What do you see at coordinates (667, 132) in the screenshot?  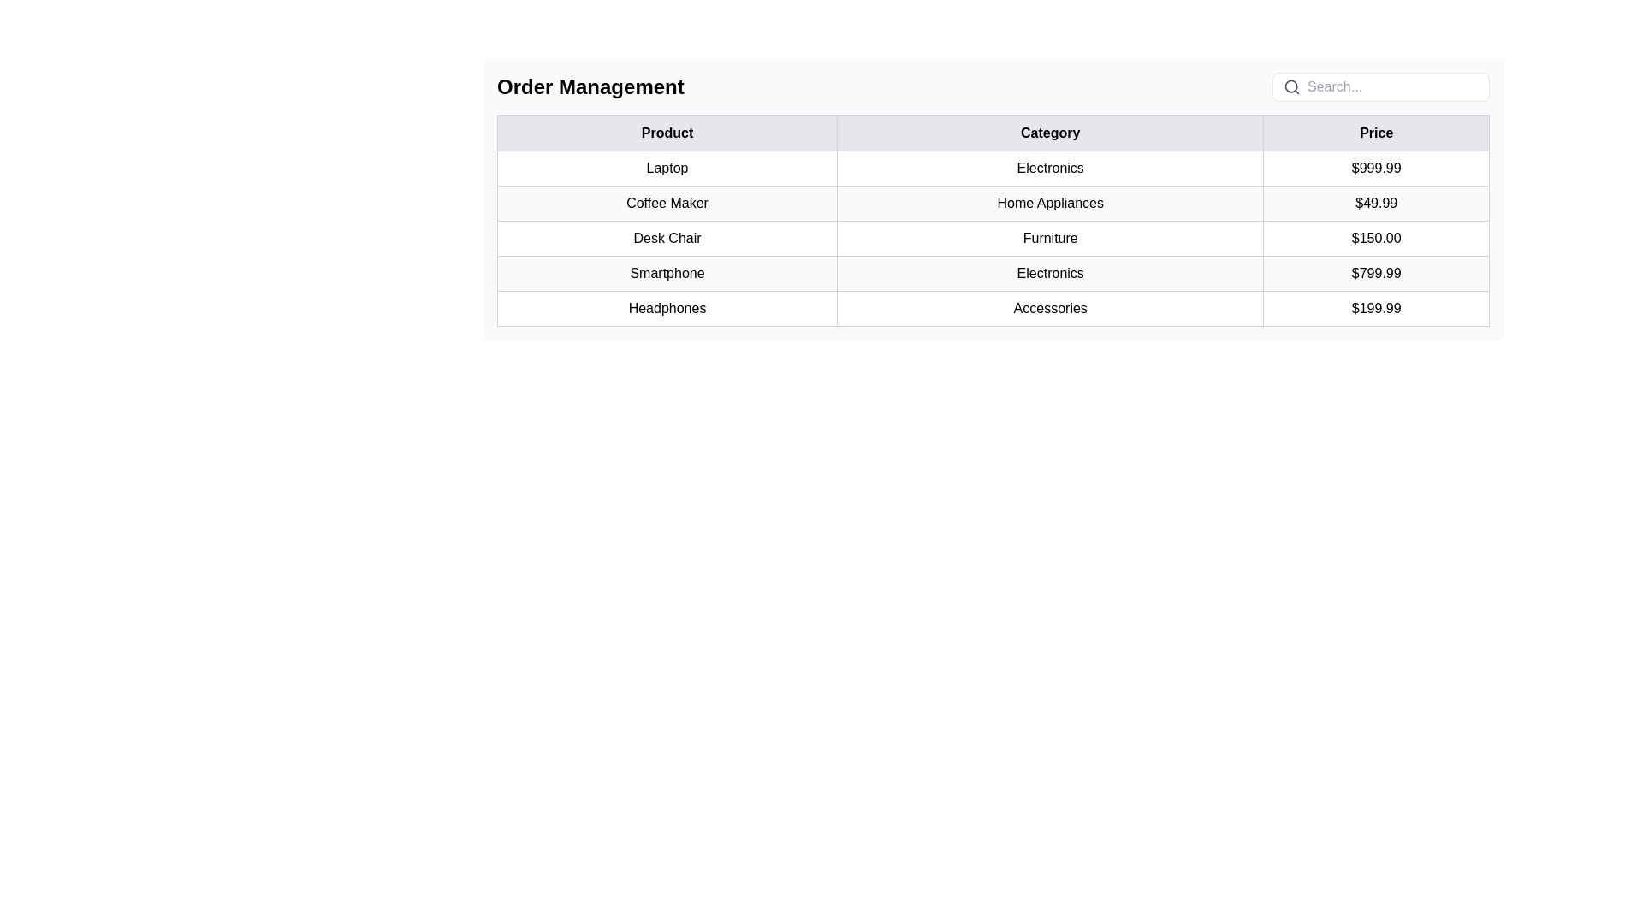 I see `the Table Header Cell displaying 'Product', which is the first column in the table header row with a light gray background and bold text` at bounding box center [667, 132].